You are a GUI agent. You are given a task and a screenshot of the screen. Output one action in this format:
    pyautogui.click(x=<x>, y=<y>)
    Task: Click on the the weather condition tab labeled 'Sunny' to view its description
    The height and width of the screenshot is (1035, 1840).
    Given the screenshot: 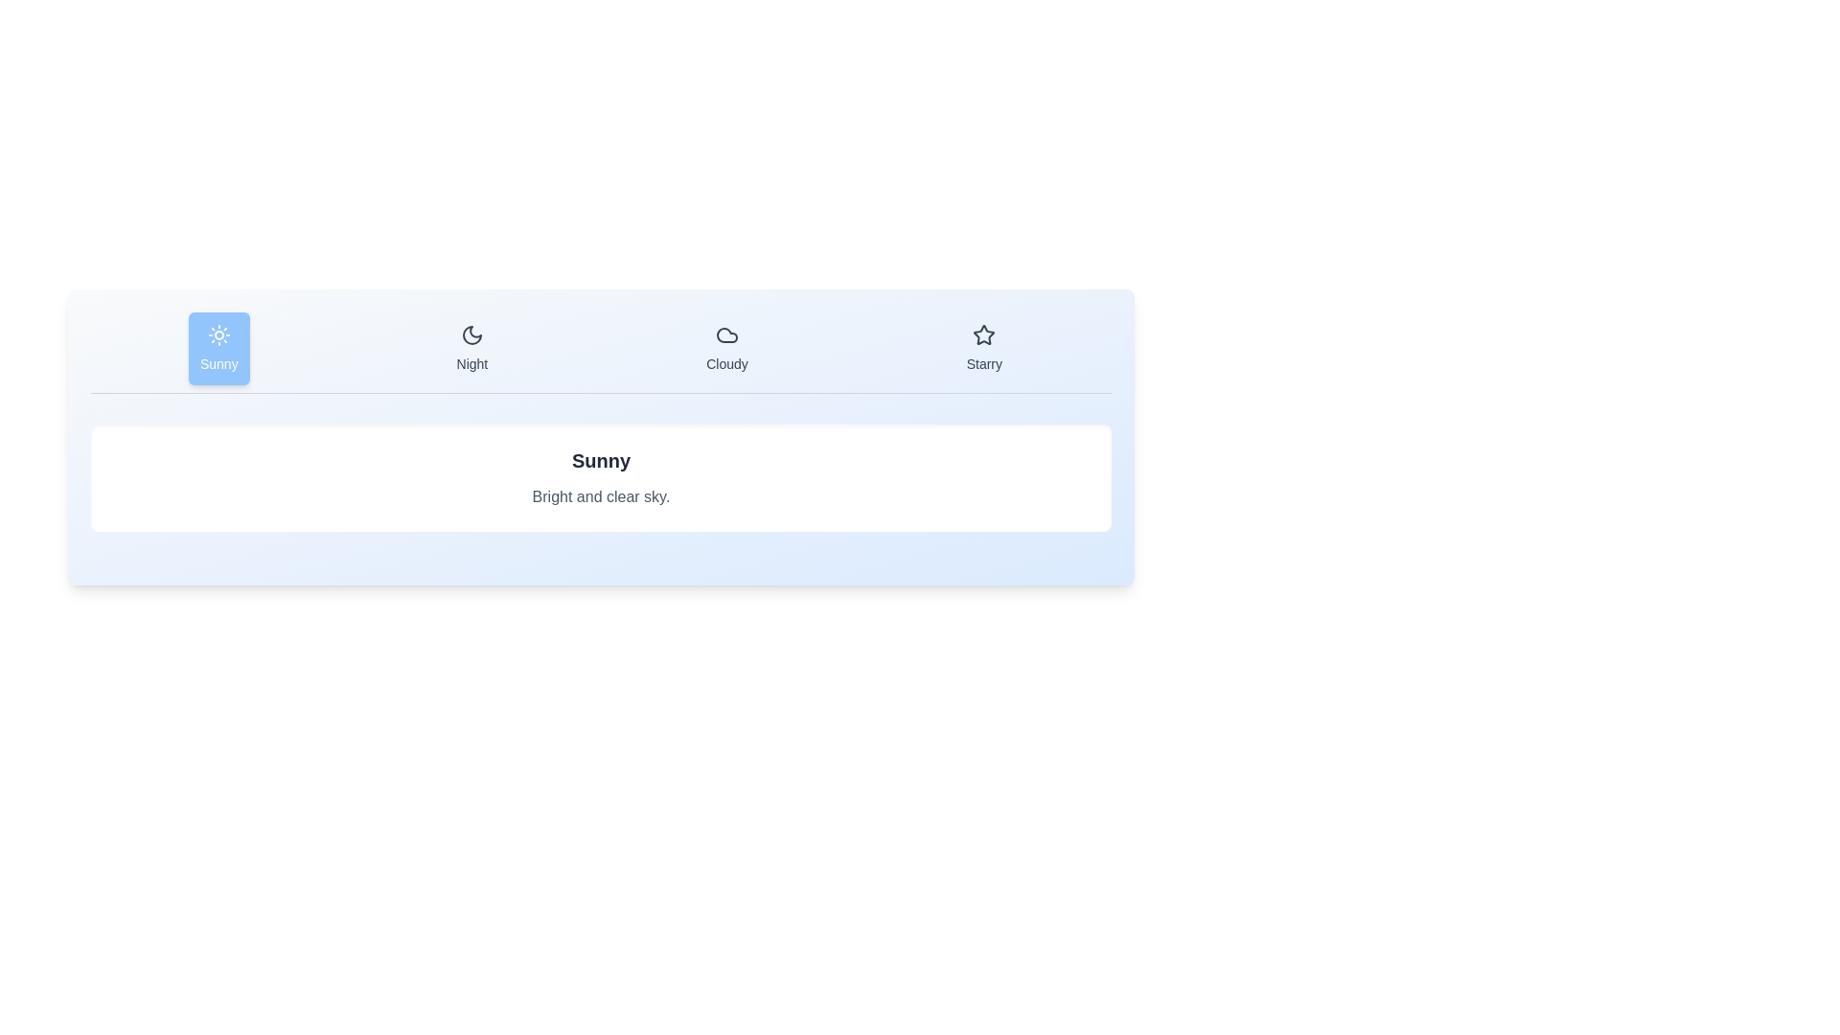 What is the action you would take?
    pyautogui.click(x=218, y=348)
    